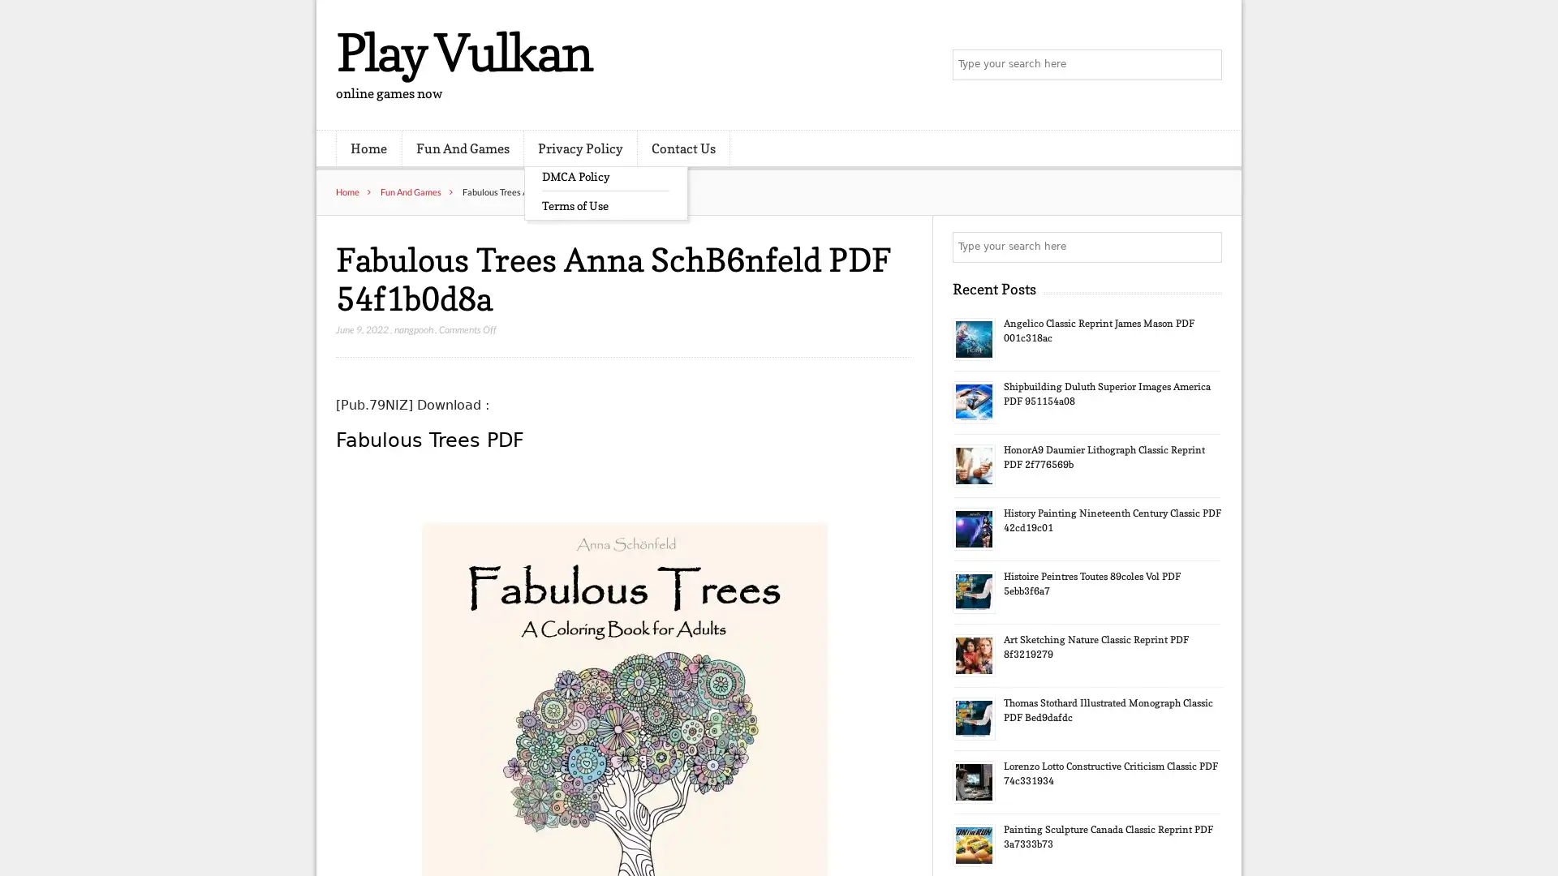 The image size is (1558, 876). What do you see at coordinates (1205, 65) in the screenshot?
I see `Search` at bounding box center [1205, 65].